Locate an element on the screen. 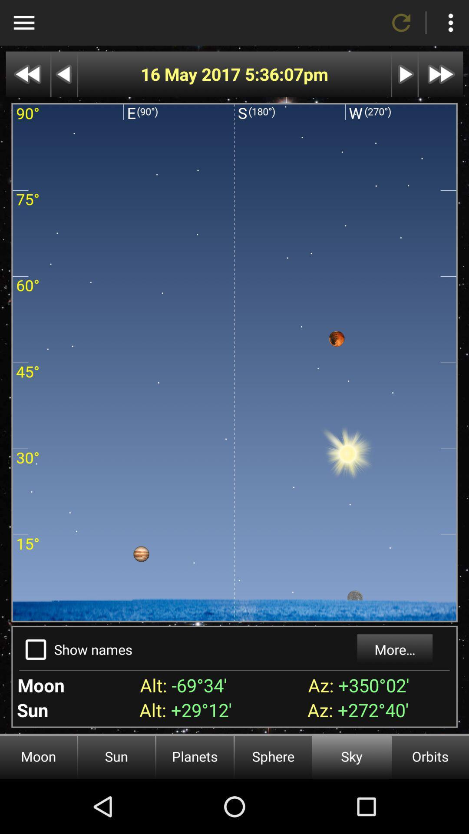 The width and height of the screenshot is (469, 834). show names icon is located at coordinates (93, 649).